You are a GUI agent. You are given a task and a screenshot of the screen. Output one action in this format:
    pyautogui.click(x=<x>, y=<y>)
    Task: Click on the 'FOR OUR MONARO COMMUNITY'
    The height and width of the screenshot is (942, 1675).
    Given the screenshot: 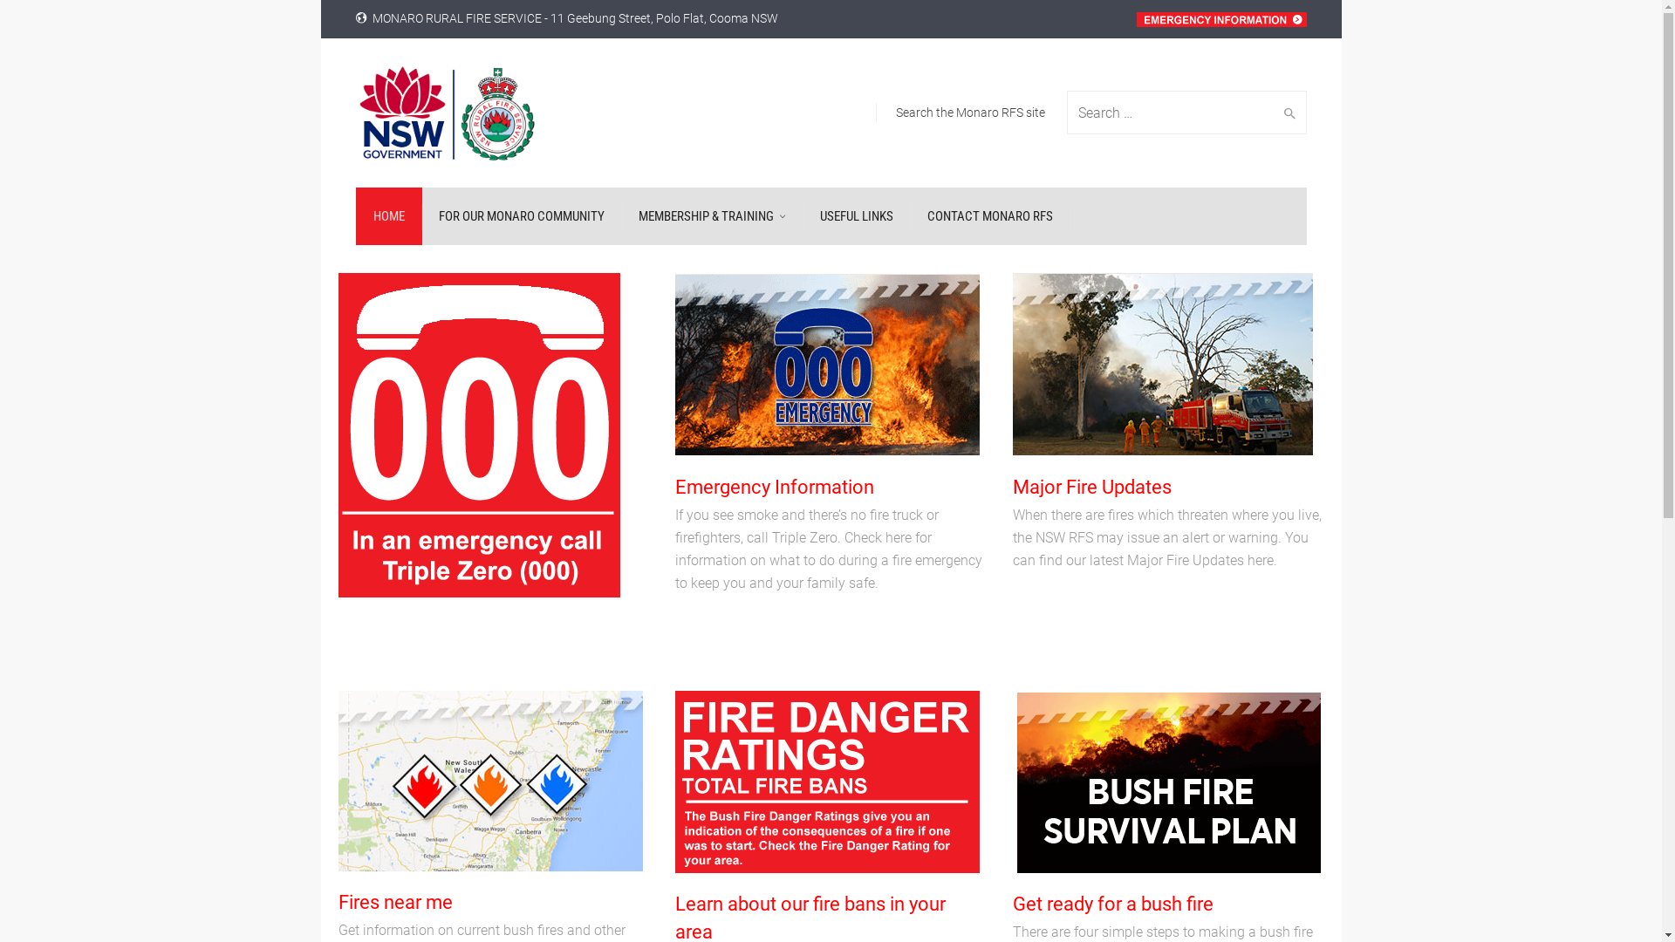 What is the action you would take?
    pyautogui.click(x=519, y=215)
    